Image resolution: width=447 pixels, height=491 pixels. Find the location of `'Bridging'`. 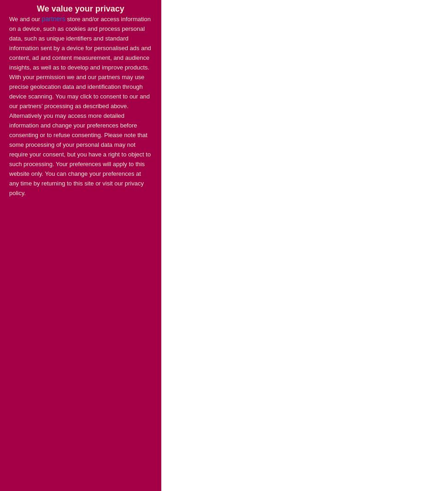

'Bridging' is located at coordinates (22, 63).